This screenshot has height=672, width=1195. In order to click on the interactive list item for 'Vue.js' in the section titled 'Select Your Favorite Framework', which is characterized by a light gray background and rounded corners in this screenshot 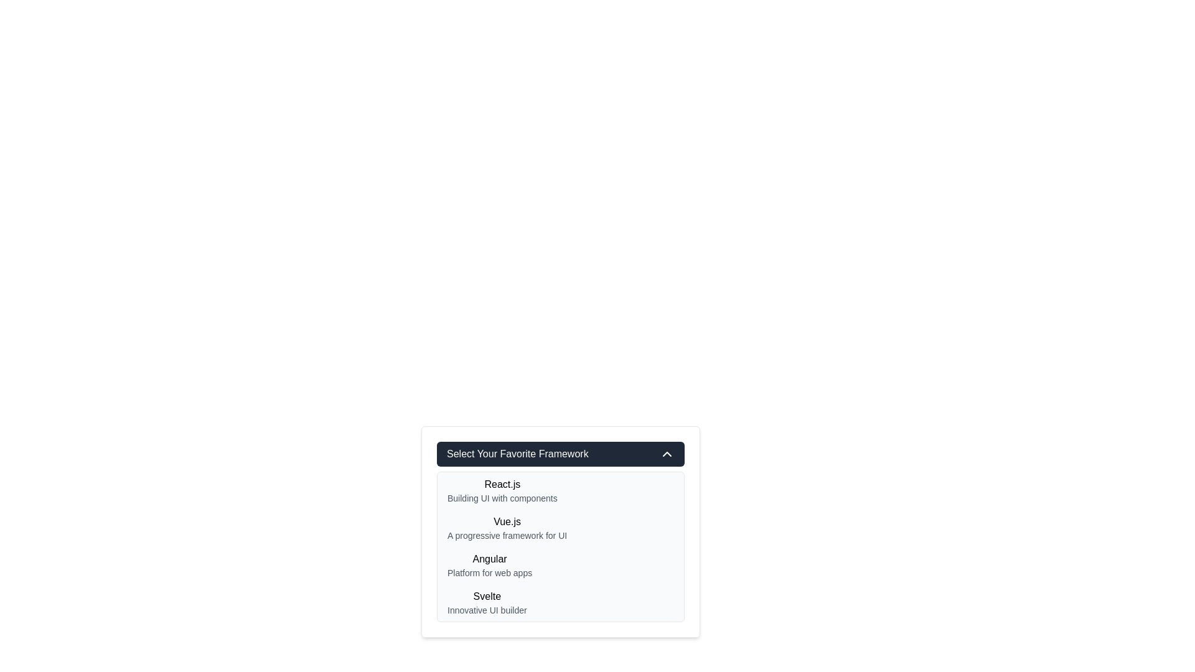, I will do `click(560, 546)`.